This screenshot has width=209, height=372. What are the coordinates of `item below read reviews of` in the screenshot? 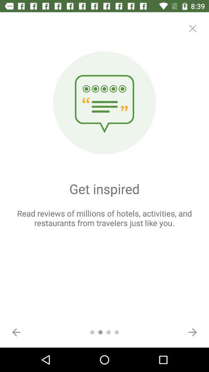 It's located at (16, 332).